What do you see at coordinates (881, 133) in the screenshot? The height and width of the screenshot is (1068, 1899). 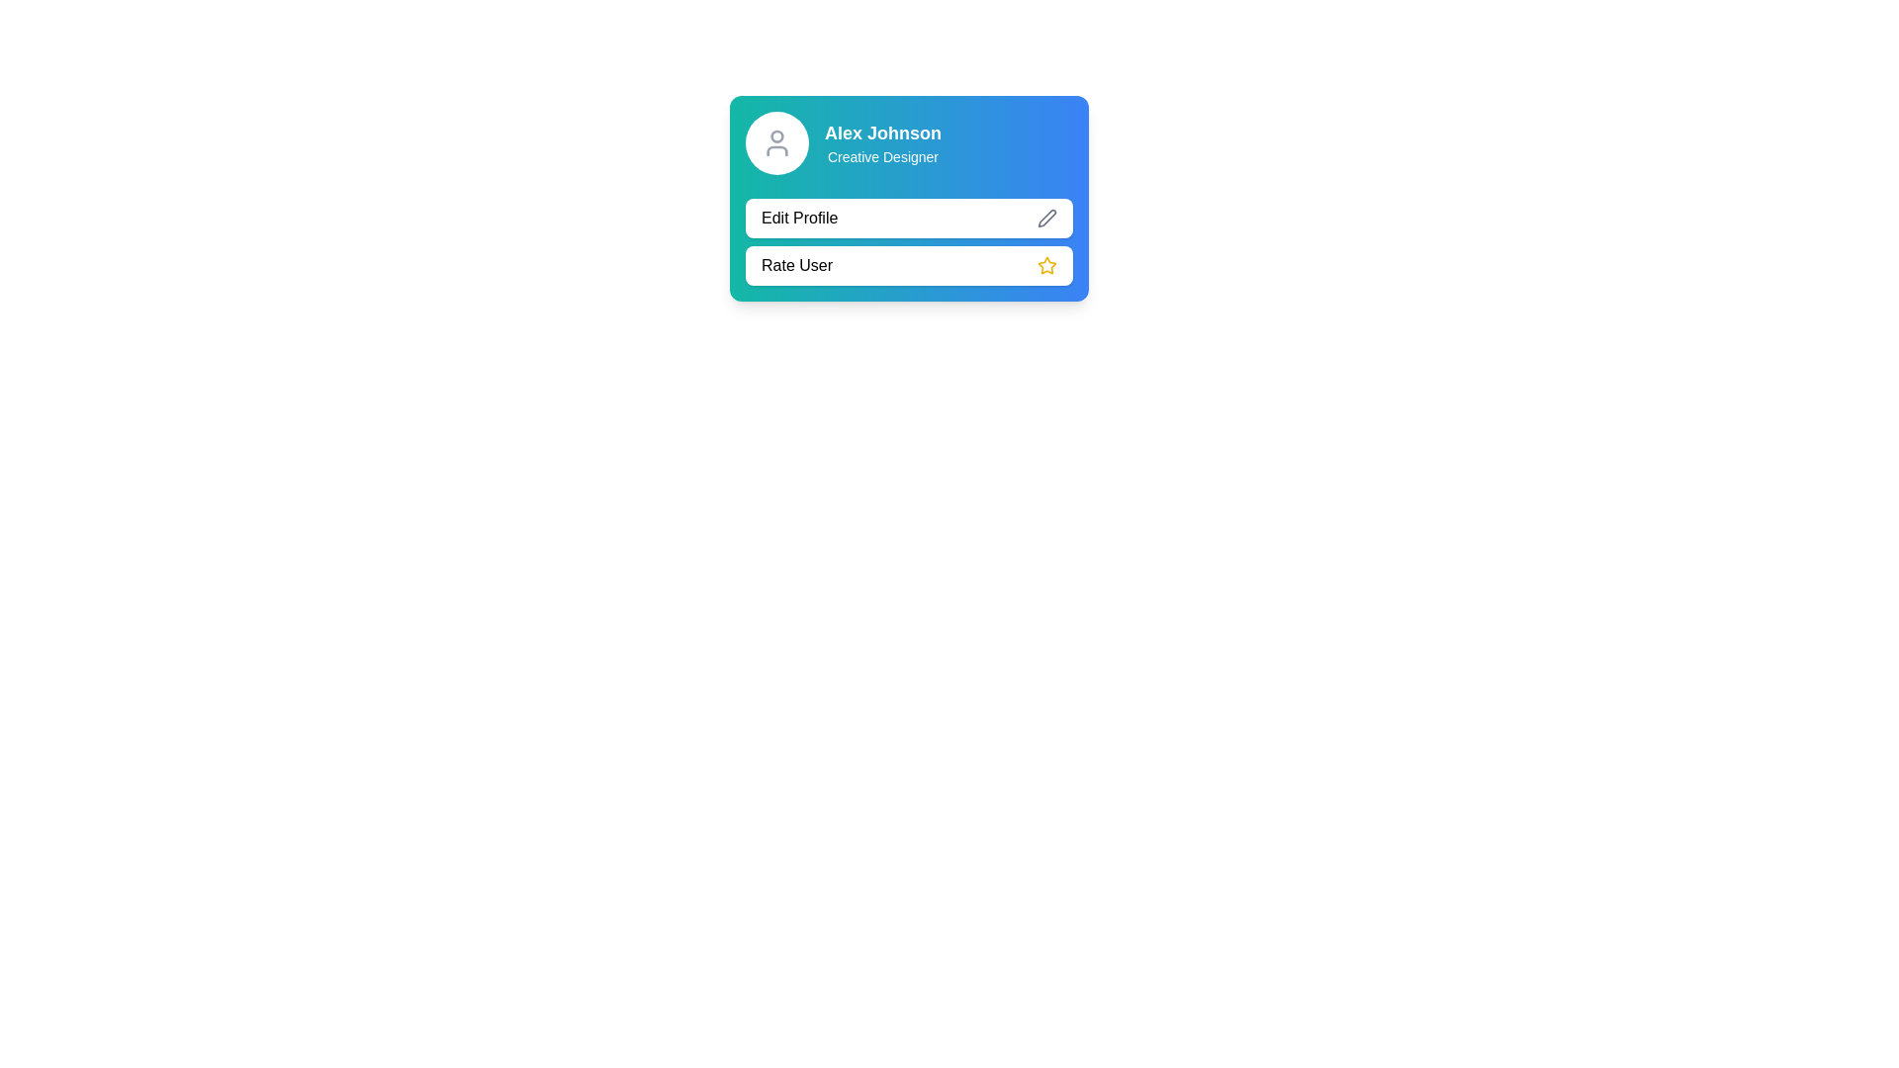 I see `the user name text label located at the upper portion of the card interface, which is positioned above the 'Creative Designer' text and to the right of the circular user avatar icon` at bounding box center [881, 133].